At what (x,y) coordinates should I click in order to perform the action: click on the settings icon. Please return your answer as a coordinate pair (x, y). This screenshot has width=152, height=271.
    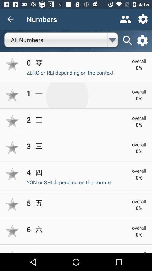
    Looking at the image, I should click on (142, 40).